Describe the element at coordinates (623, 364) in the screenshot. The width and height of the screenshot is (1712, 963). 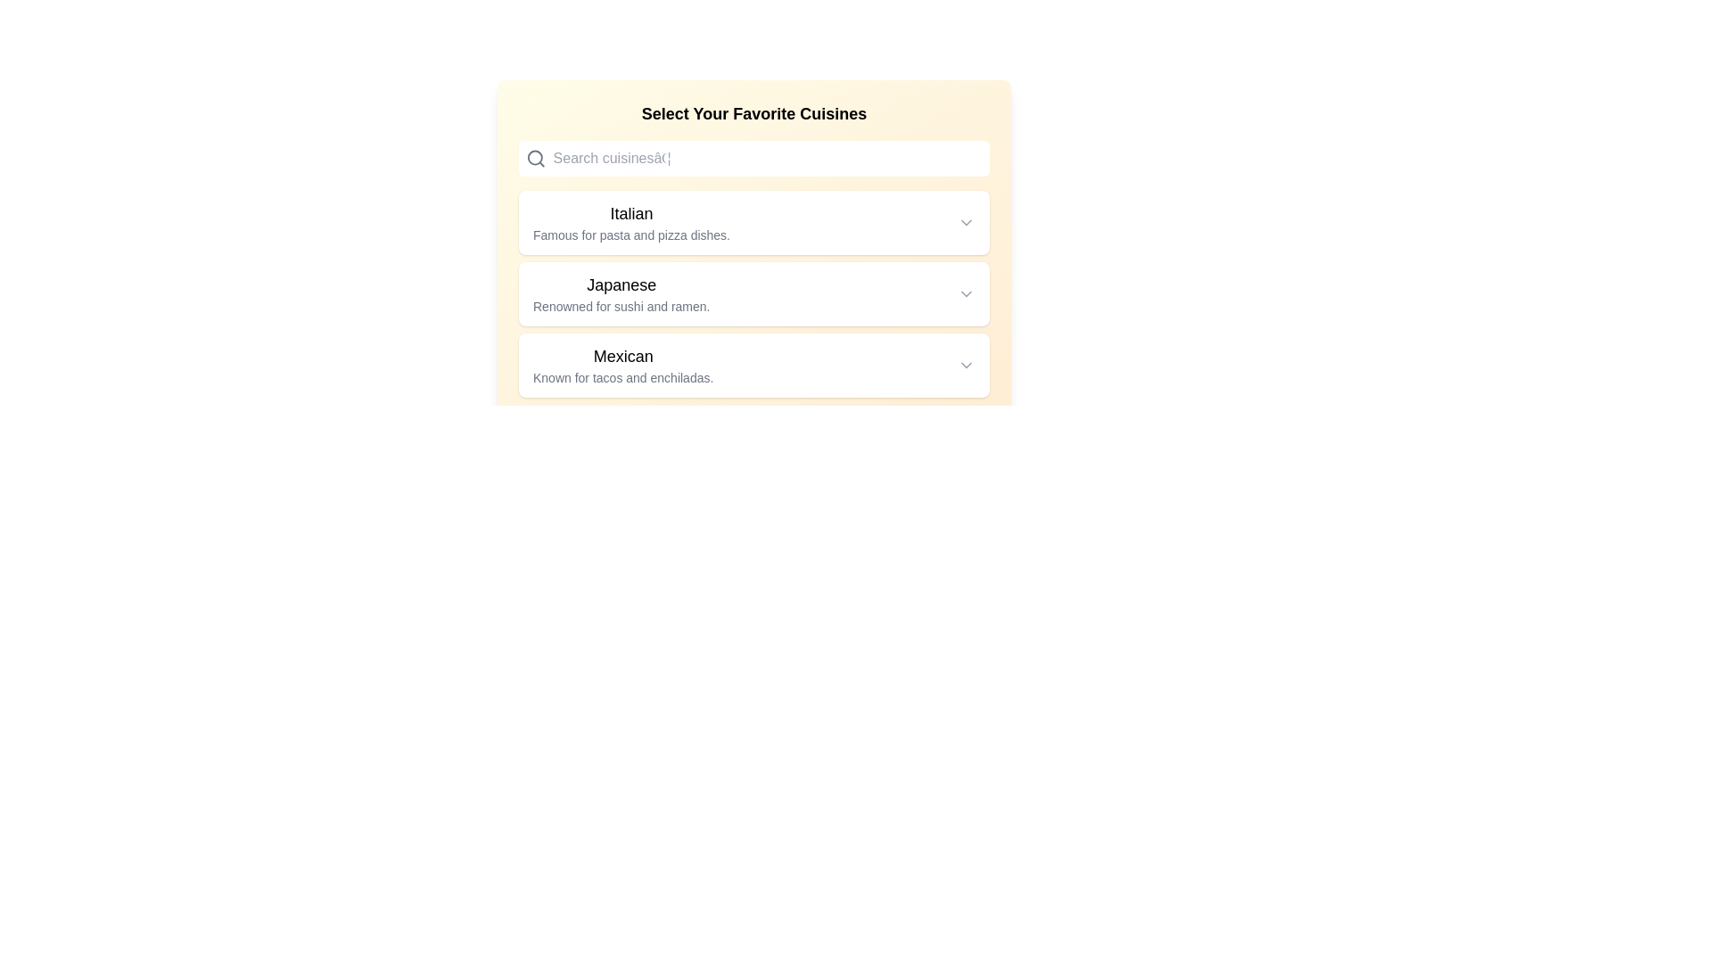
I see `the text block labeled 'Mexican', which features a bold title and a smaller subtitle, located` at that location.